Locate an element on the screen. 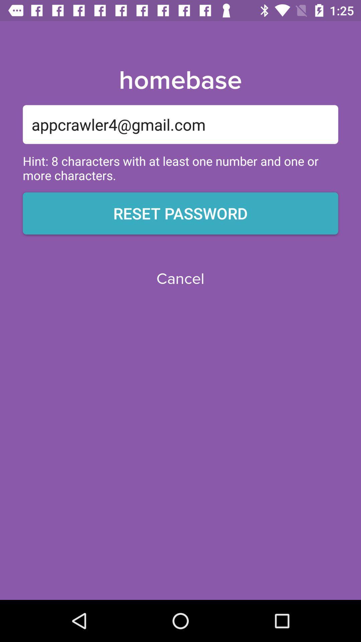 Image resolution: width=361 pixels, height=642 pixels. the reset password is located at coordinates (180, 213).